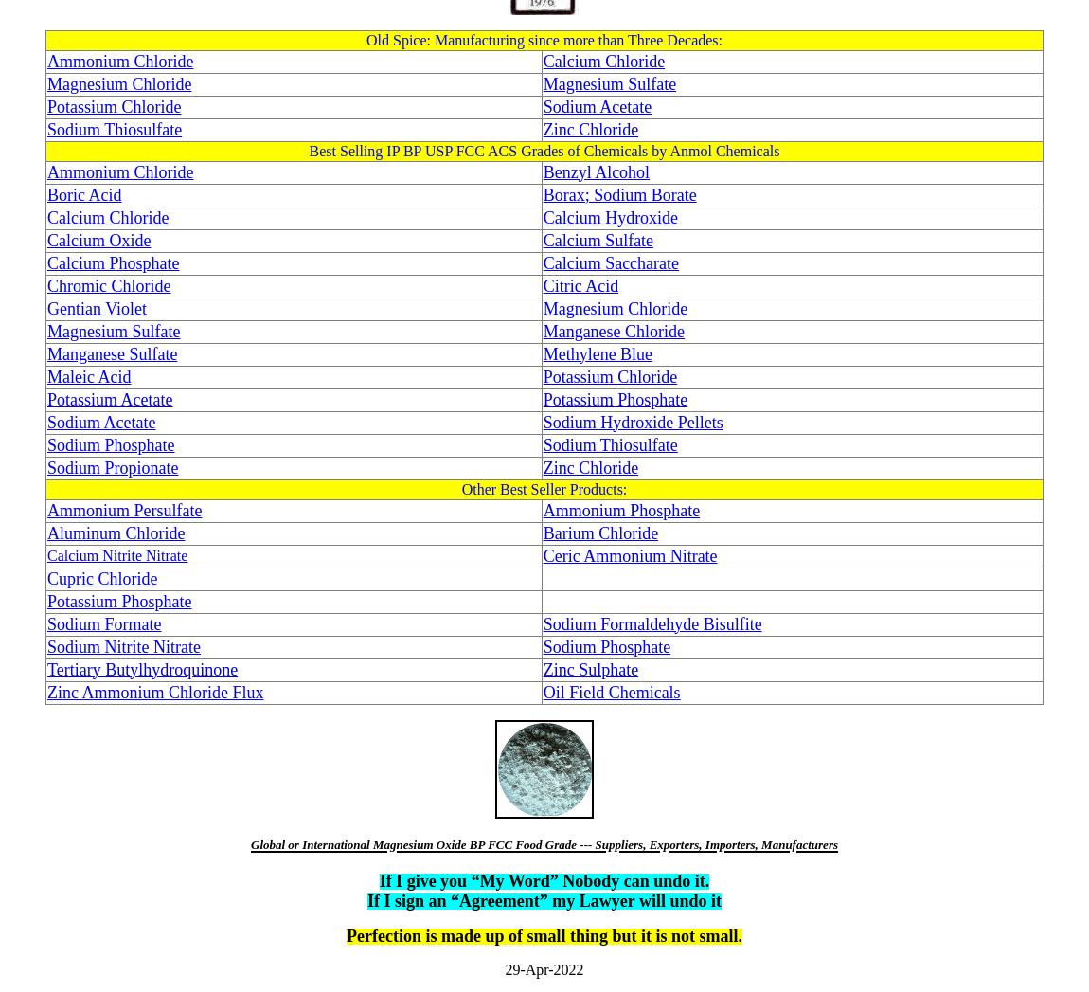 The width and height of the screenshot is (1089, 992). What do you see at coordinates (544, 842) in the screenshot?
I see `'Global or 

	International Magnesium Oxide BP FCC Food Grade --- Suppliers, 

	Exporters, Importers, Manufacturers'` at bounding box center [544, 842].